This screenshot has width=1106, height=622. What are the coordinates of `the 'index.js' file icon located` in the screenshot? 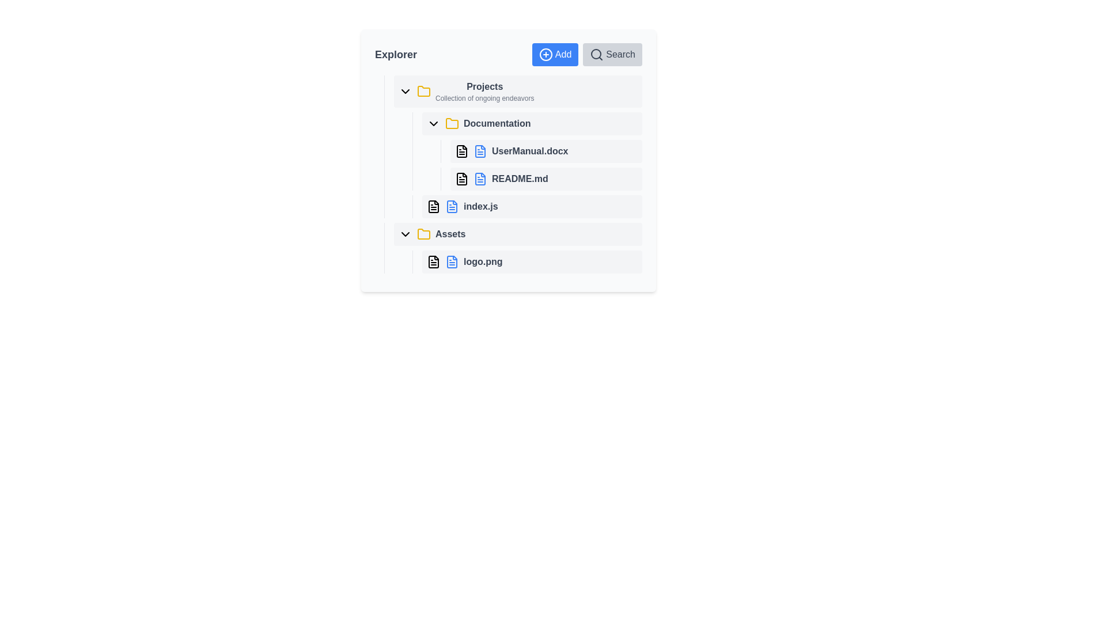 It's located at (452, 206).